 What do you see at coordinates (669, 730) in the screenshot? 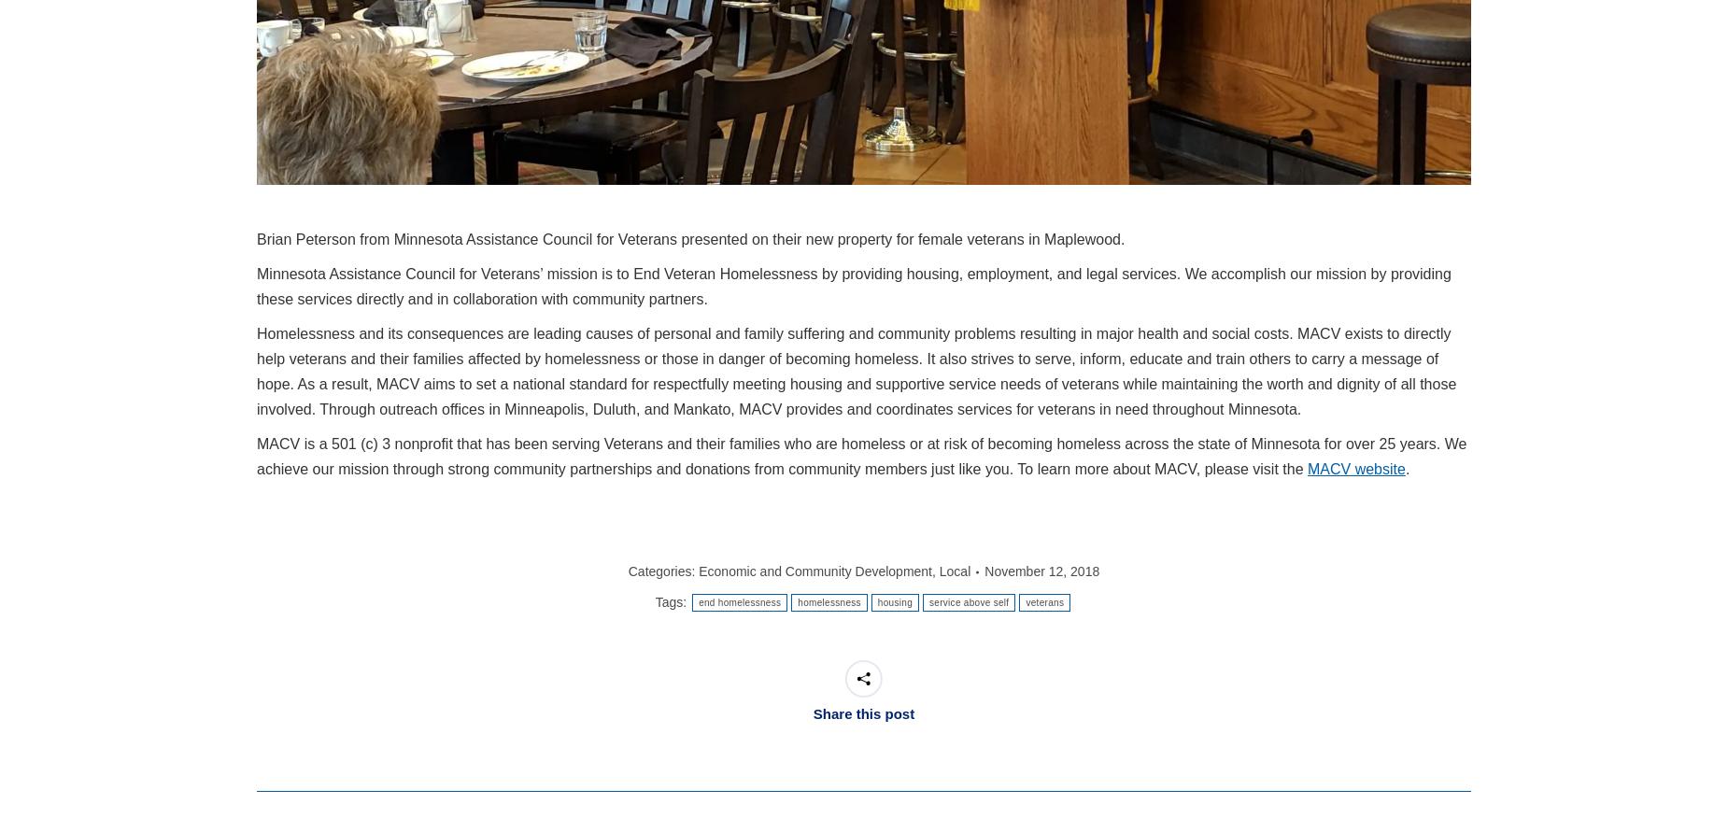
I see `'MEETING LOCATION:'` at bounding box center [669, 730].